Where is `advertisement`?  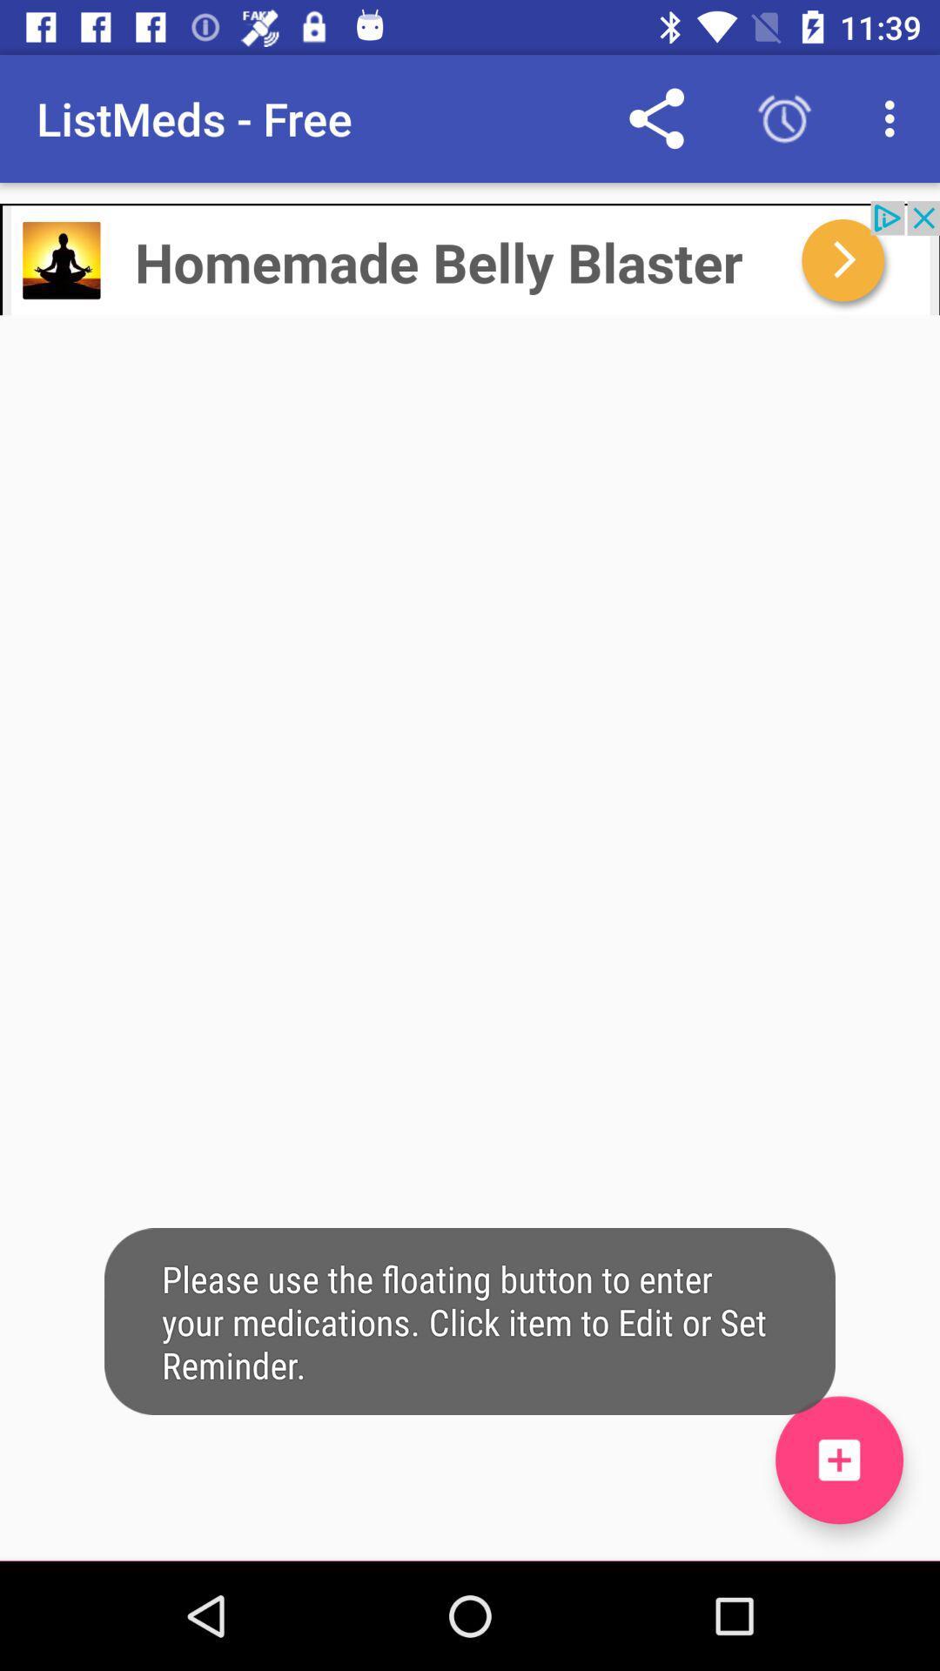
advertisement is located at coordinates (470, 257).